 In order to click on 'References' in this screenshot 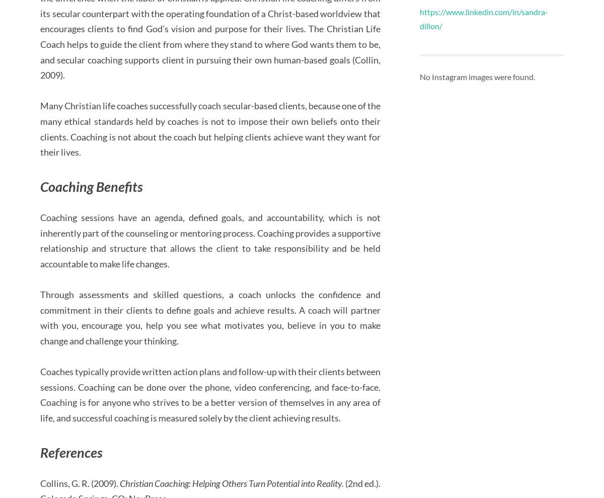, I will do `click(71, 452)`.